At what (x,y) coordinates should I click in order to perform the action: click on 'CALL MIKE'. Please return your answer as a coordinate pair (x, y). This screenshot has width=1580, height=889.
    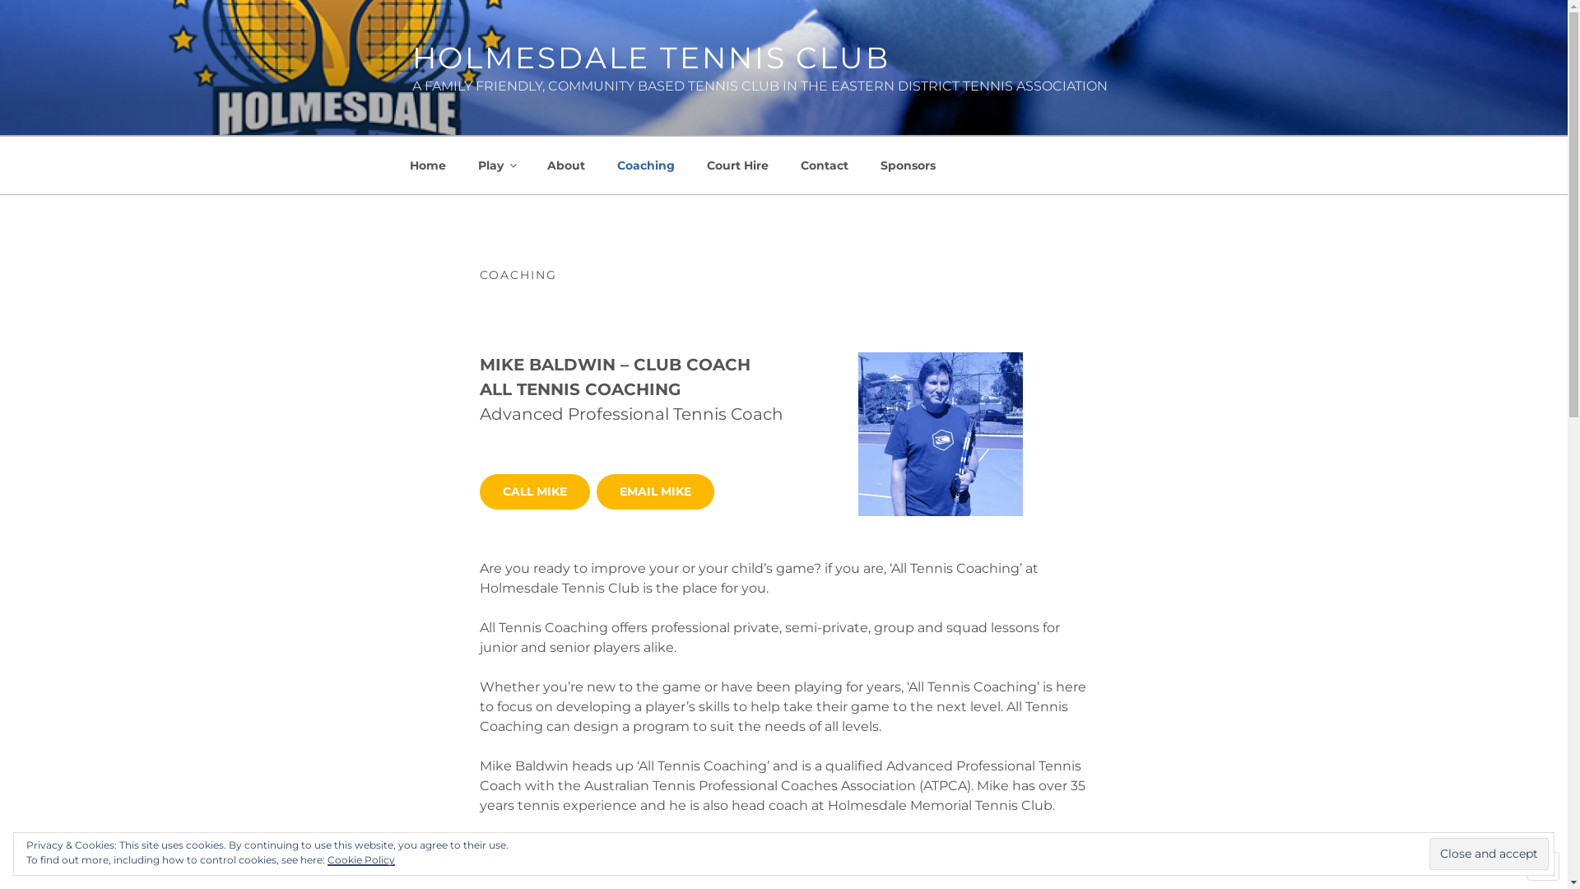
    Looking at the image, I should click on (533, 491).